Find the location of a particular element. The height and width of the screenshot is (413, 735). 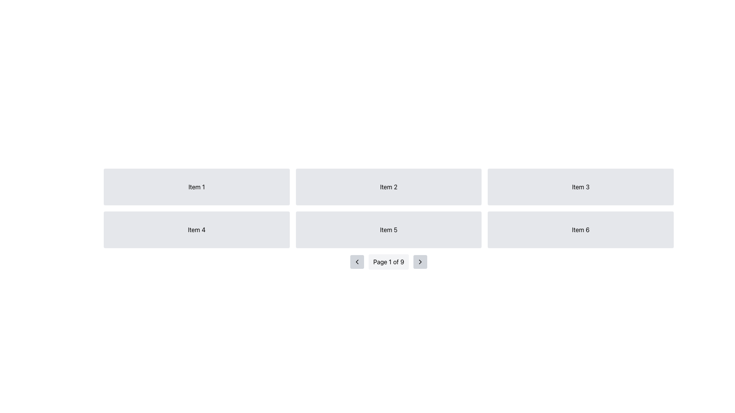

the static box labeled 'Item 3' with a light gray background and rounded corners, which is the third element in the top row of a grid layout is located at coordinates (581, 187).